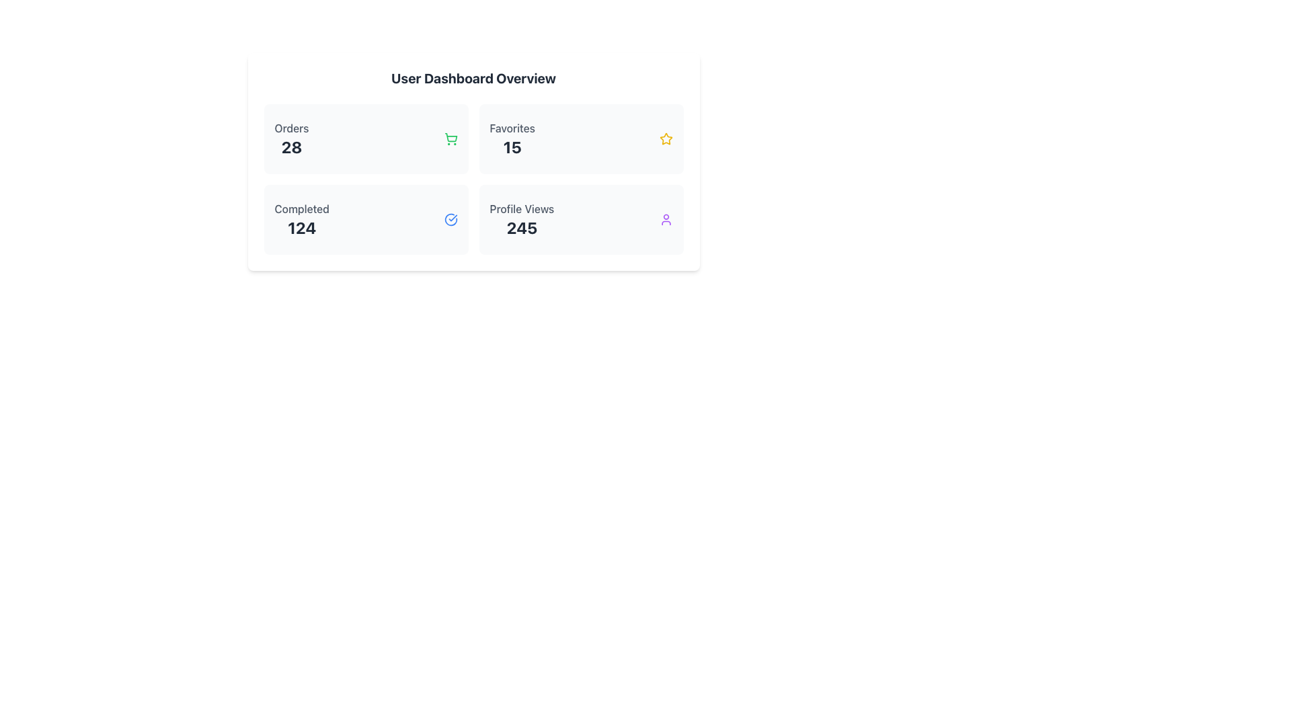  What do you see at coordinates (521, 227) in the screenshot?
I see `the static text displaying the numerical value of profile views located under the label 'Profile Views' in the bottom-right section of the dashboard` at bounding box center [521, 227].